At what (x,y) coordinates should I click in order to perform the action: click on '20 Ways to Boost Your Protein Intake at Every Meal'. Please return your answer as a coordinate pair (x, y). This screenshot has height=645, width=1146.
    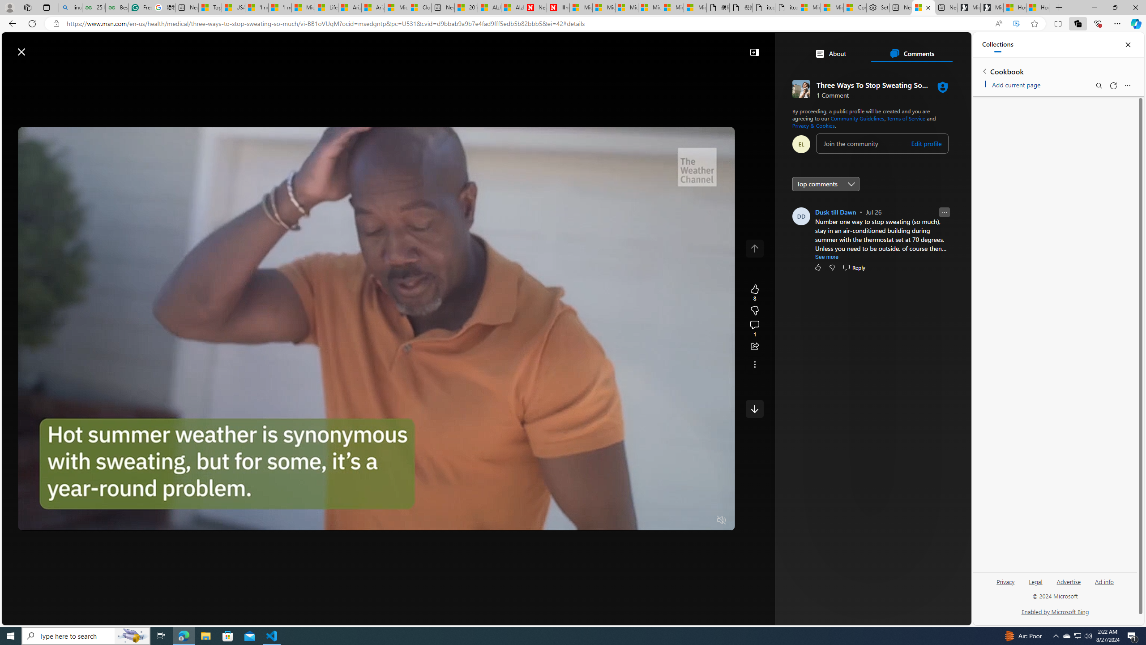
    Looking at the image, I should click on (465, 7).